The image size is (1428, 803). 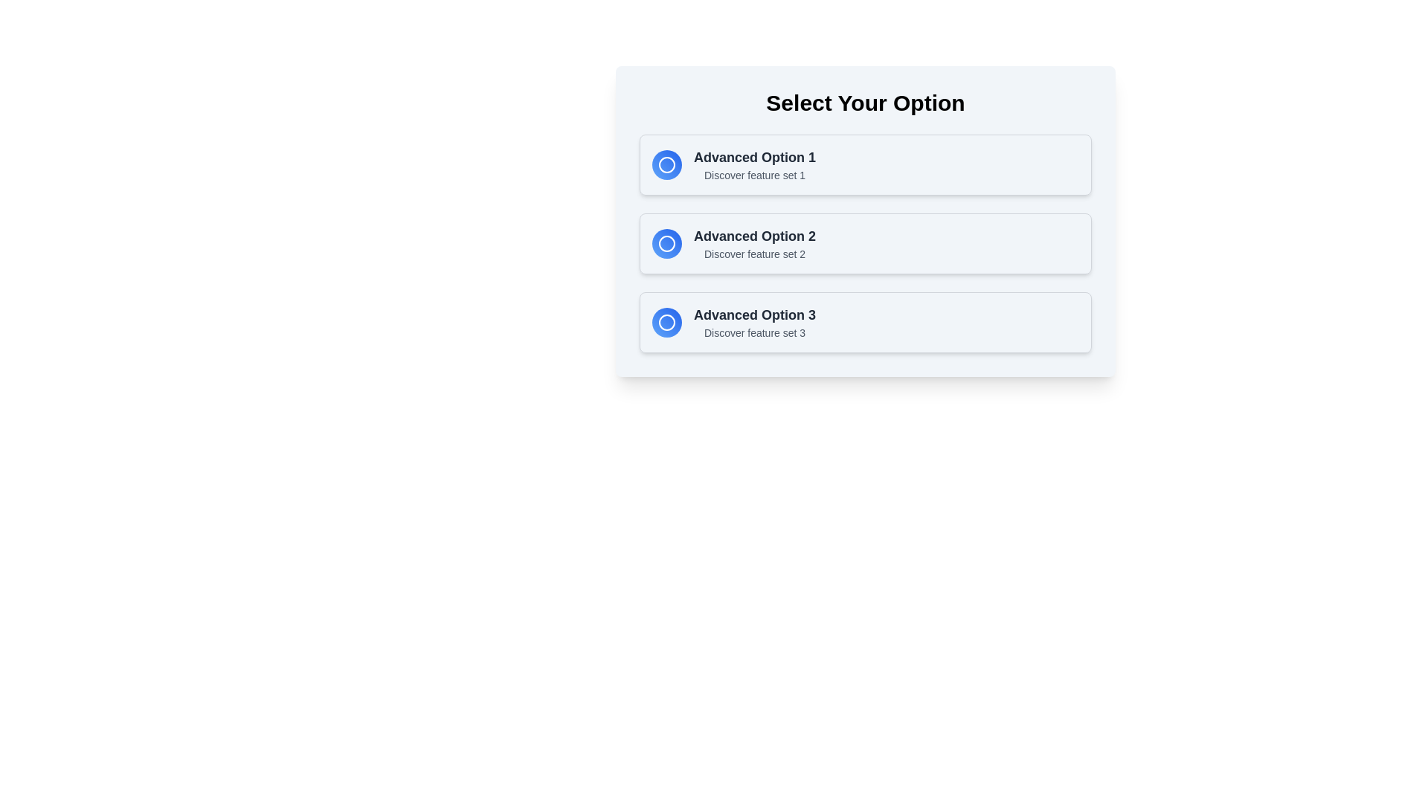 What do you see at coordinates (755, 235) in the screenshot?
I see `the text label displaying 'Advanced Option 2', which is prominently shown in bold dark gray on a light background, located in the second option card of a vertical list` at bounding box center [755, 235].